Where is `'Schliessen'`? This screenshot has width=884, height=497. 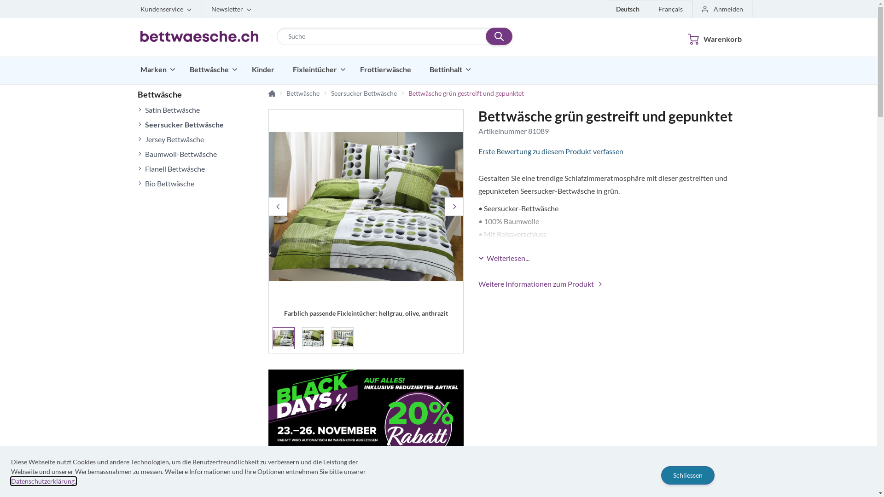 'Schliessen' is located at coordinates (687, 475).